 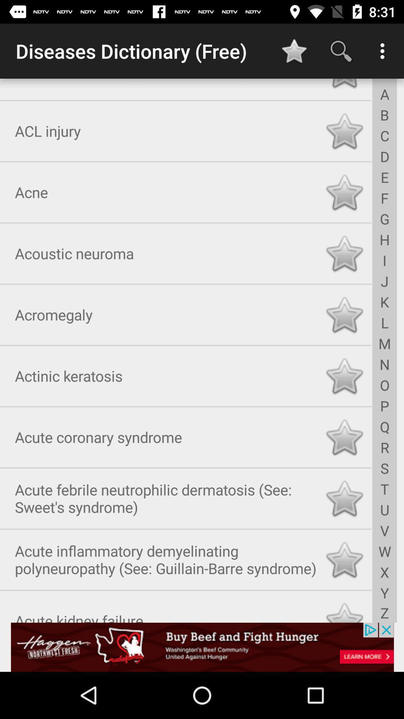 I want to click on like, so click(x=344, y=497).